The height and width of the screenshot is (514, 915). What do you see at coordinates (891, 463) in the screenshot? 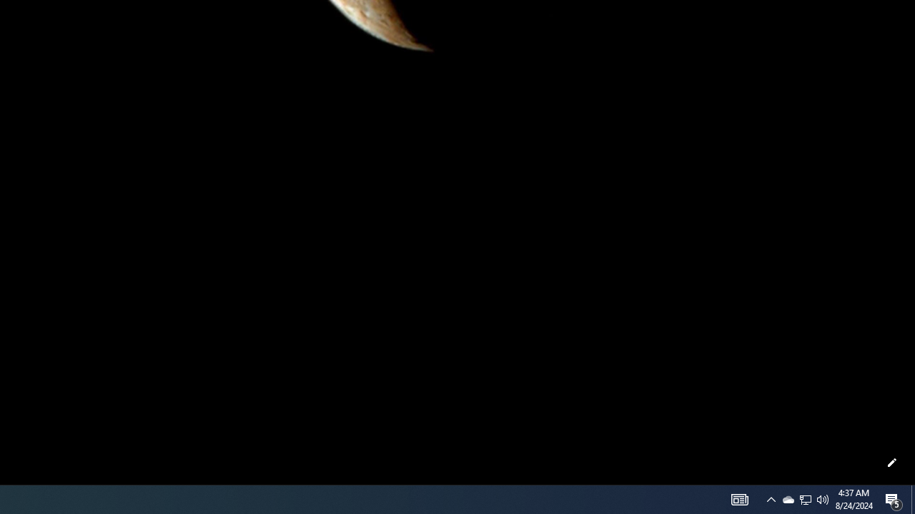
I see `'Customize this page'` at bounding box center [891, 463].